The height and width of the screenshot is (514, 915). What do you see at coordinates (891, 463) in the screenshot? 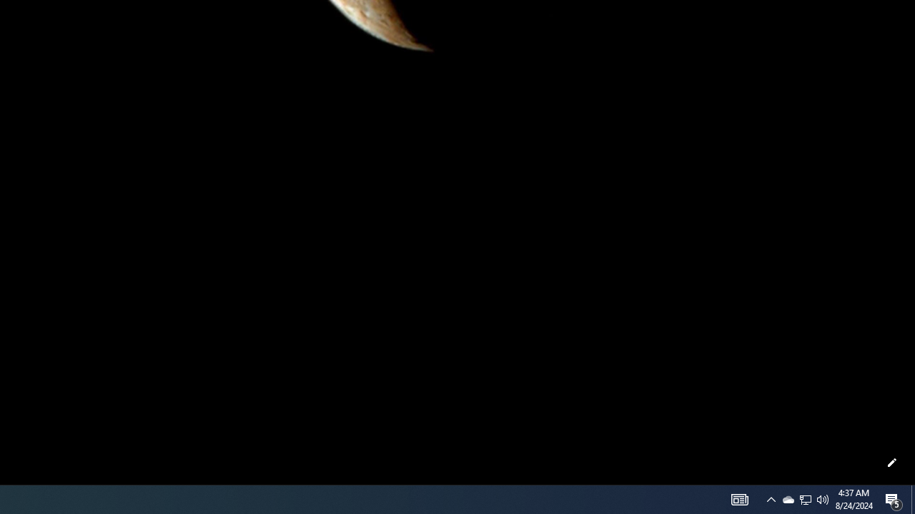
I see `'Customize this page'` at bounding box center [891, 463].